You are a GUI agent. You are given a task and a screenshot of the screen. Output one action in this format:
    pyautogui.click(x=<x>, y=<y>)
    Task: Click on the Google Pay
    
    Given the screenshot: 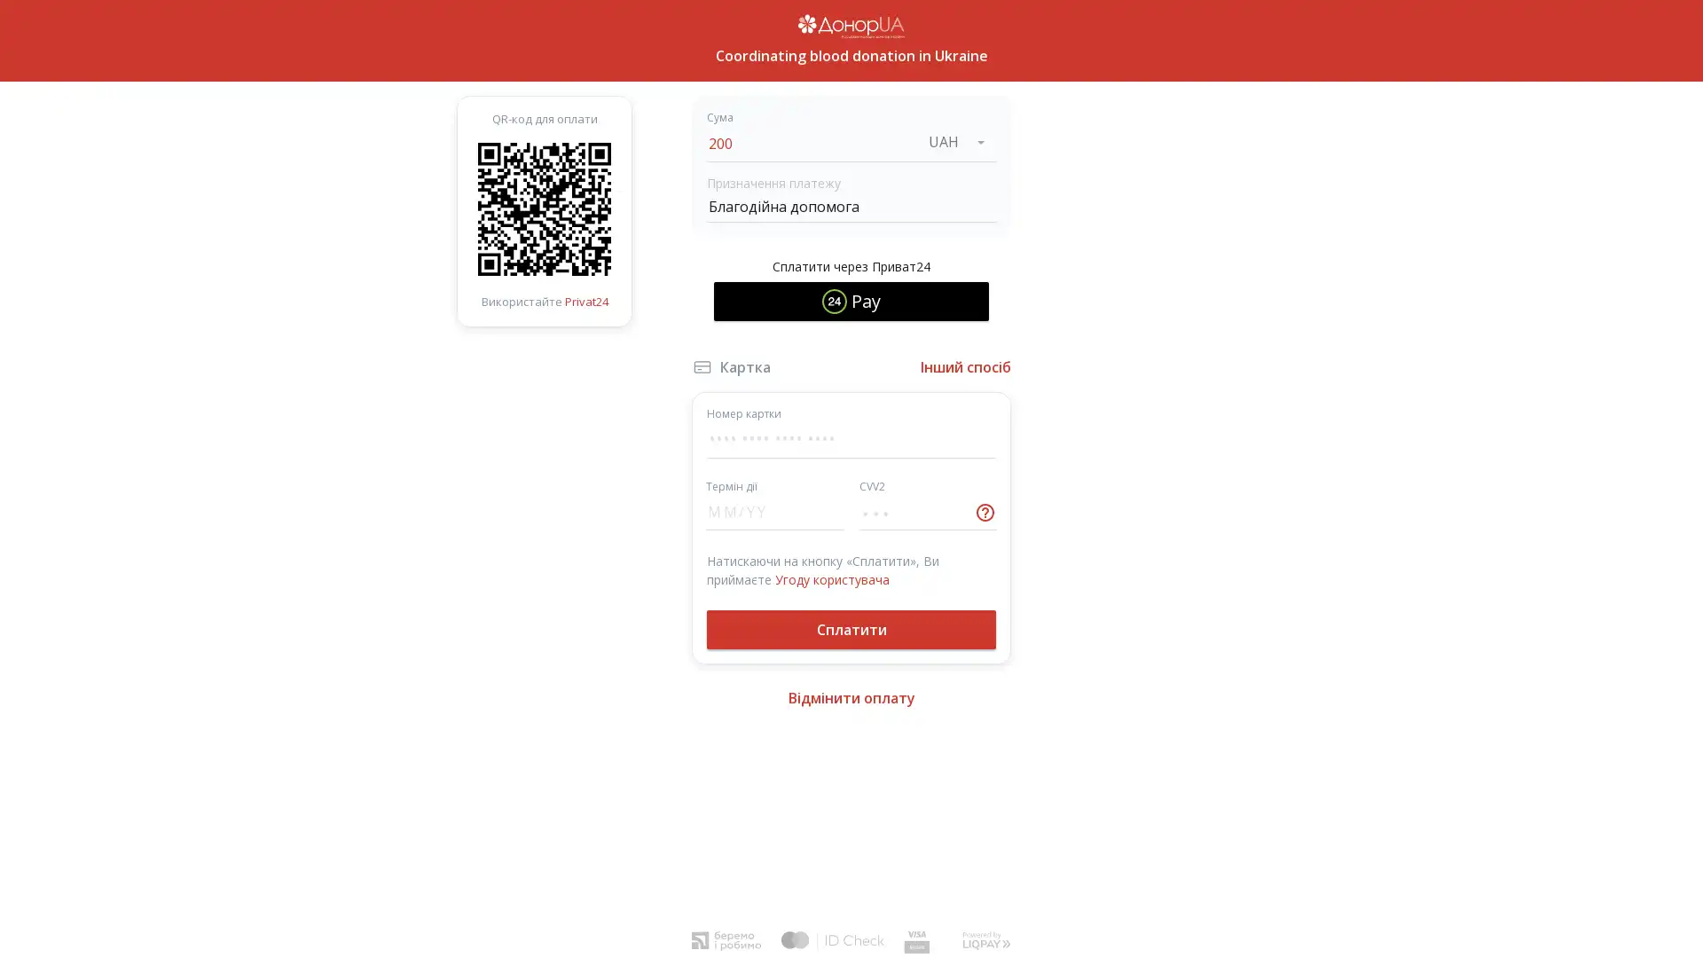 What is the action you would take?
    pyautogui.click(x=851, y=354)
    